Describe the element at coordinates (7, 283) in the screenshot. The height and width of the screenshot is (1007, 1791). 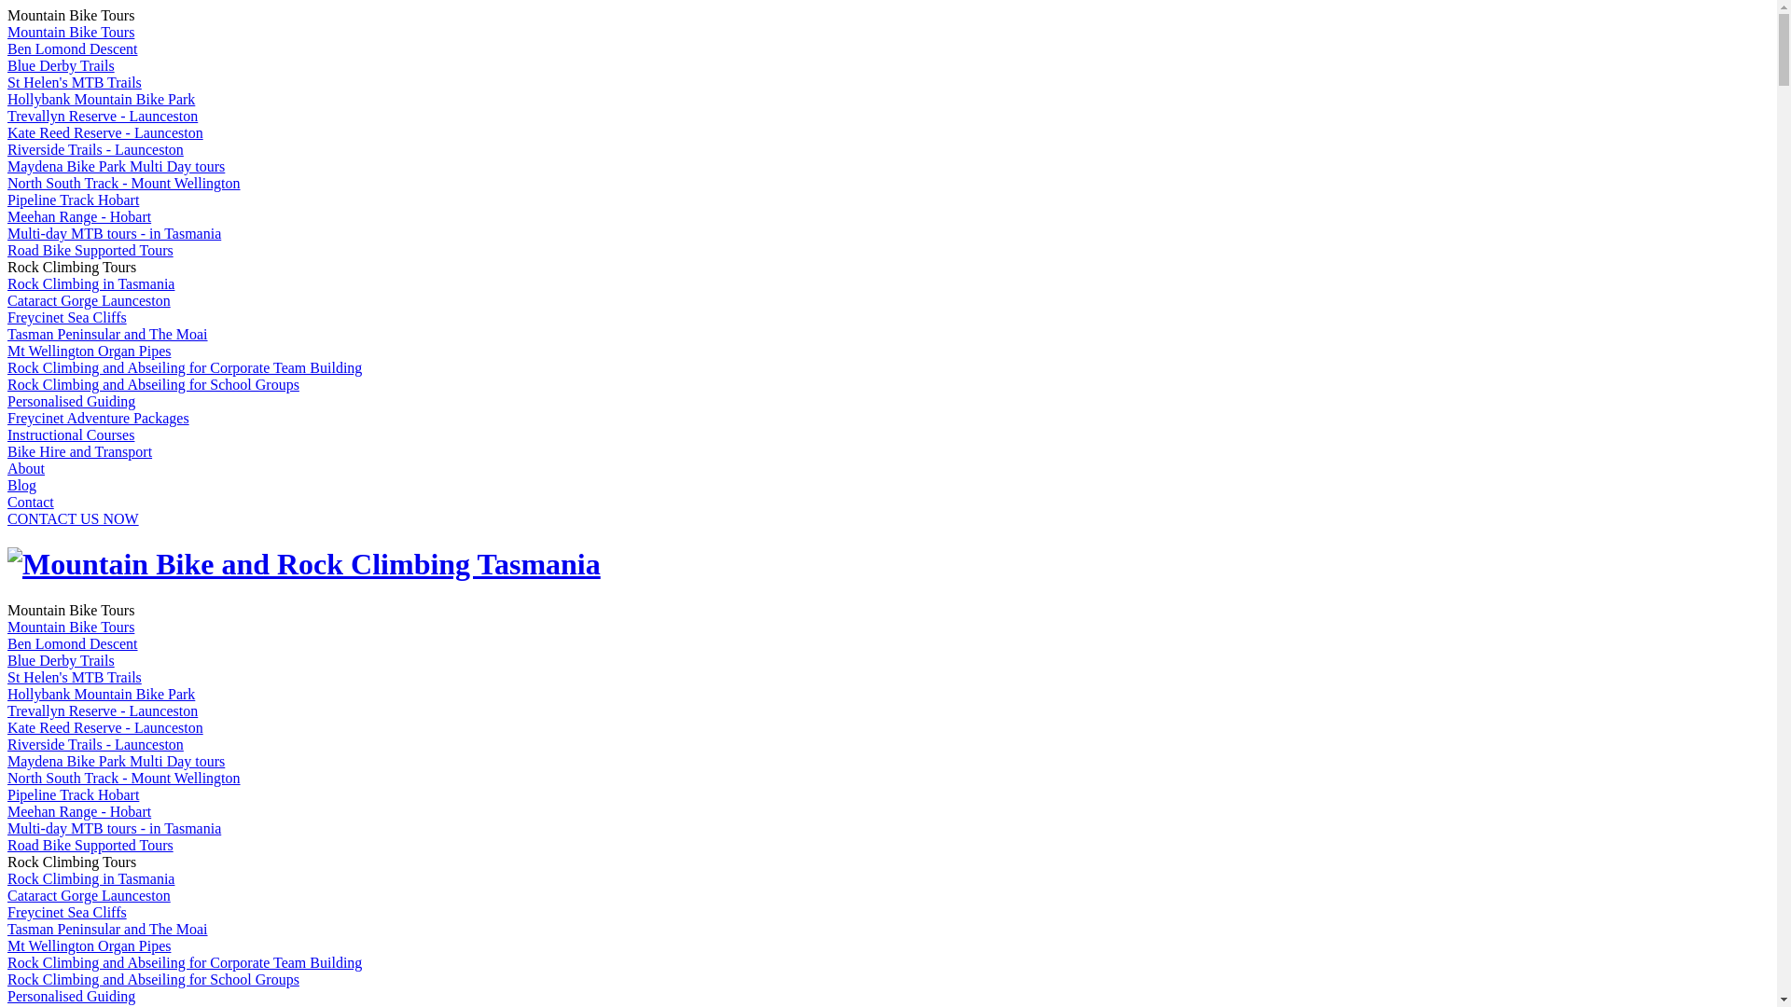
I see `'Rock Climbing in Tasmania'` at that location.